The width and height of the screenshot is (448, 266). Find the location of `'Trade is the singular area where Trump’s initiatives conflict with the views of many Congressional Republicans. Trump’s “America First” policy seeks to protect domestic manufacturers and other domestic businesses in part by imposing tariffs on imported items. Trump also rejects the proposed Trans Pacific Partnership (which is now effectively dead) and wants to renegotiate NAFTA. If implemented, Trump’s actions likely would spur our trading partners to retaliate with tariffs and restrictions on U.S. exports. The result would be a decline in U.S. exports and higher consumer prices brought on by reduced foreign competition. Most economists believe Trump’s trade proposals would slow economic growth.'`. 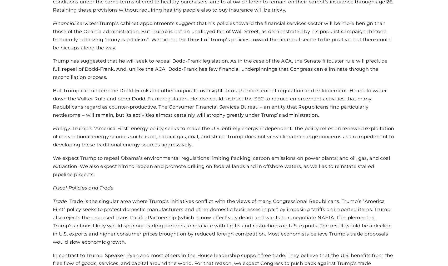

'Trade is the singular area where Trump’s initiatives conflict with the views of many Congressional Republicans. Trump’s “America First” policy seeks to protect domestic manufacturers and other domestic businesses in part by imposing tariffs on imported items. Trump also rejects the proposed Trans Pacific Partnership (which is now effectively dead) and wants to renegotiate NAFTA. If implemented, Trump’s actions likely would spur our trading partners to retaliate with tariffs and restrictions on U.S. exports. The result would be a decline in U.S. exports and higher consumer prices brought on by reduced foreign competition. Most economists believe Trump’s trade proposals would slow economic growth.' is located at coordinates (222, 221).